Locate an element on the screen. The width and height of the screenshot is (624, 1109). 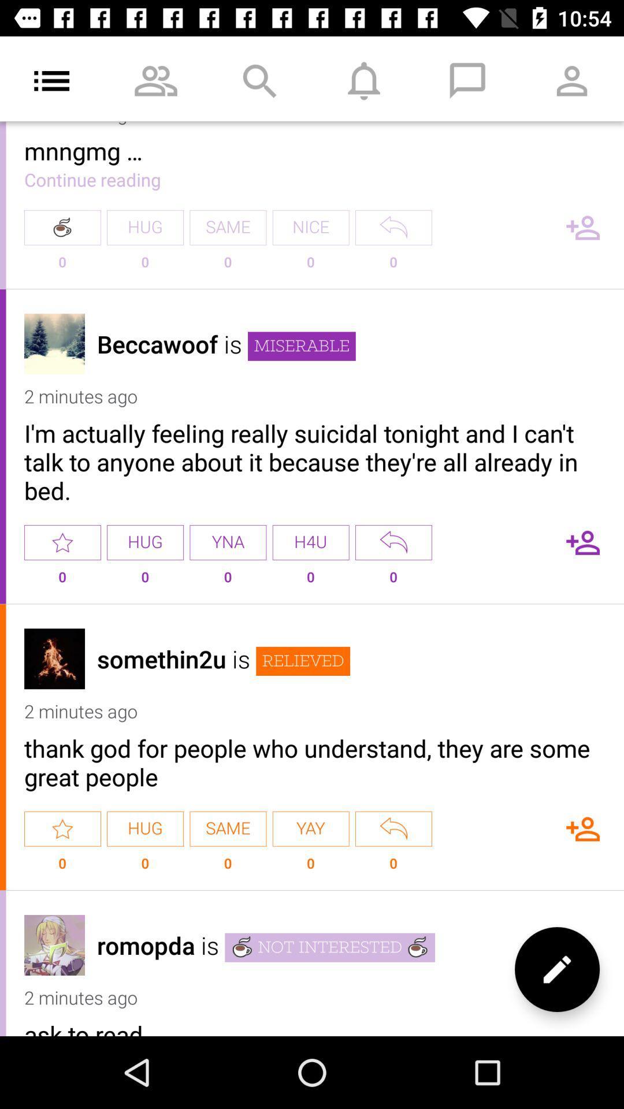
like comment is located at coordinates (62, 828).